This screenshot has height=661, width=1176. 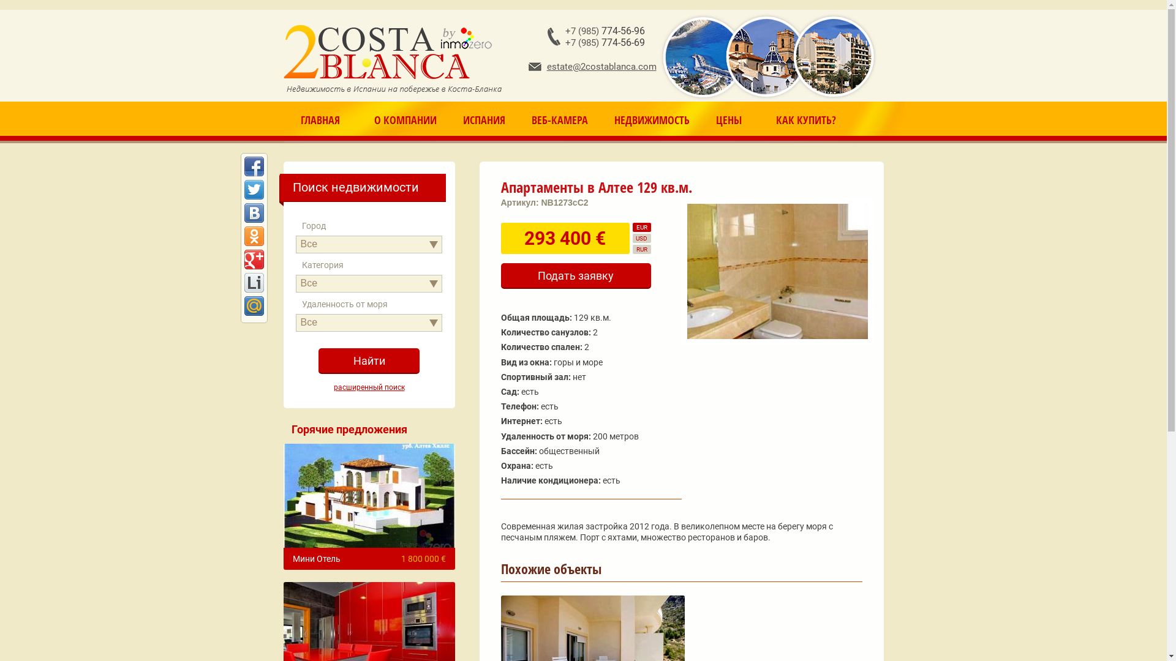 What do you see at coordinates (640, 227) in the screenshot?
I see `'EUR'` at bounding box center [640, 227].